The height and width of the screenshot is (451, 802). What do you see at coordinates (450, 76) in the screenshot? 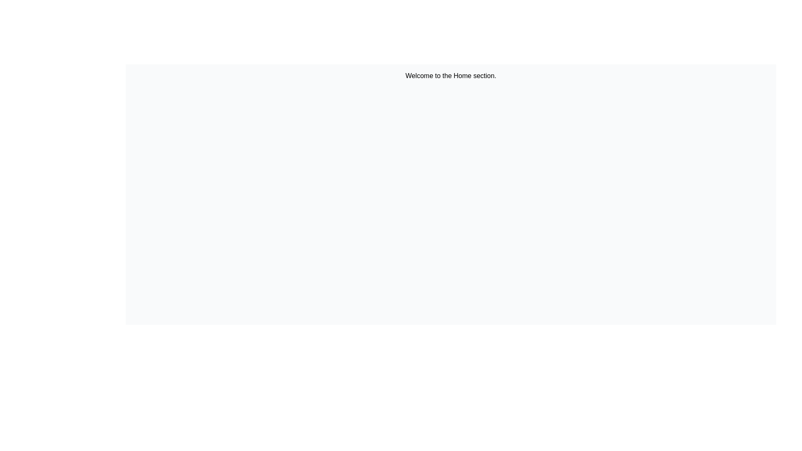
I see `the welcome message static text element located at the top of the home section, which serves as the title for the application` at bounding box center [450, 76].